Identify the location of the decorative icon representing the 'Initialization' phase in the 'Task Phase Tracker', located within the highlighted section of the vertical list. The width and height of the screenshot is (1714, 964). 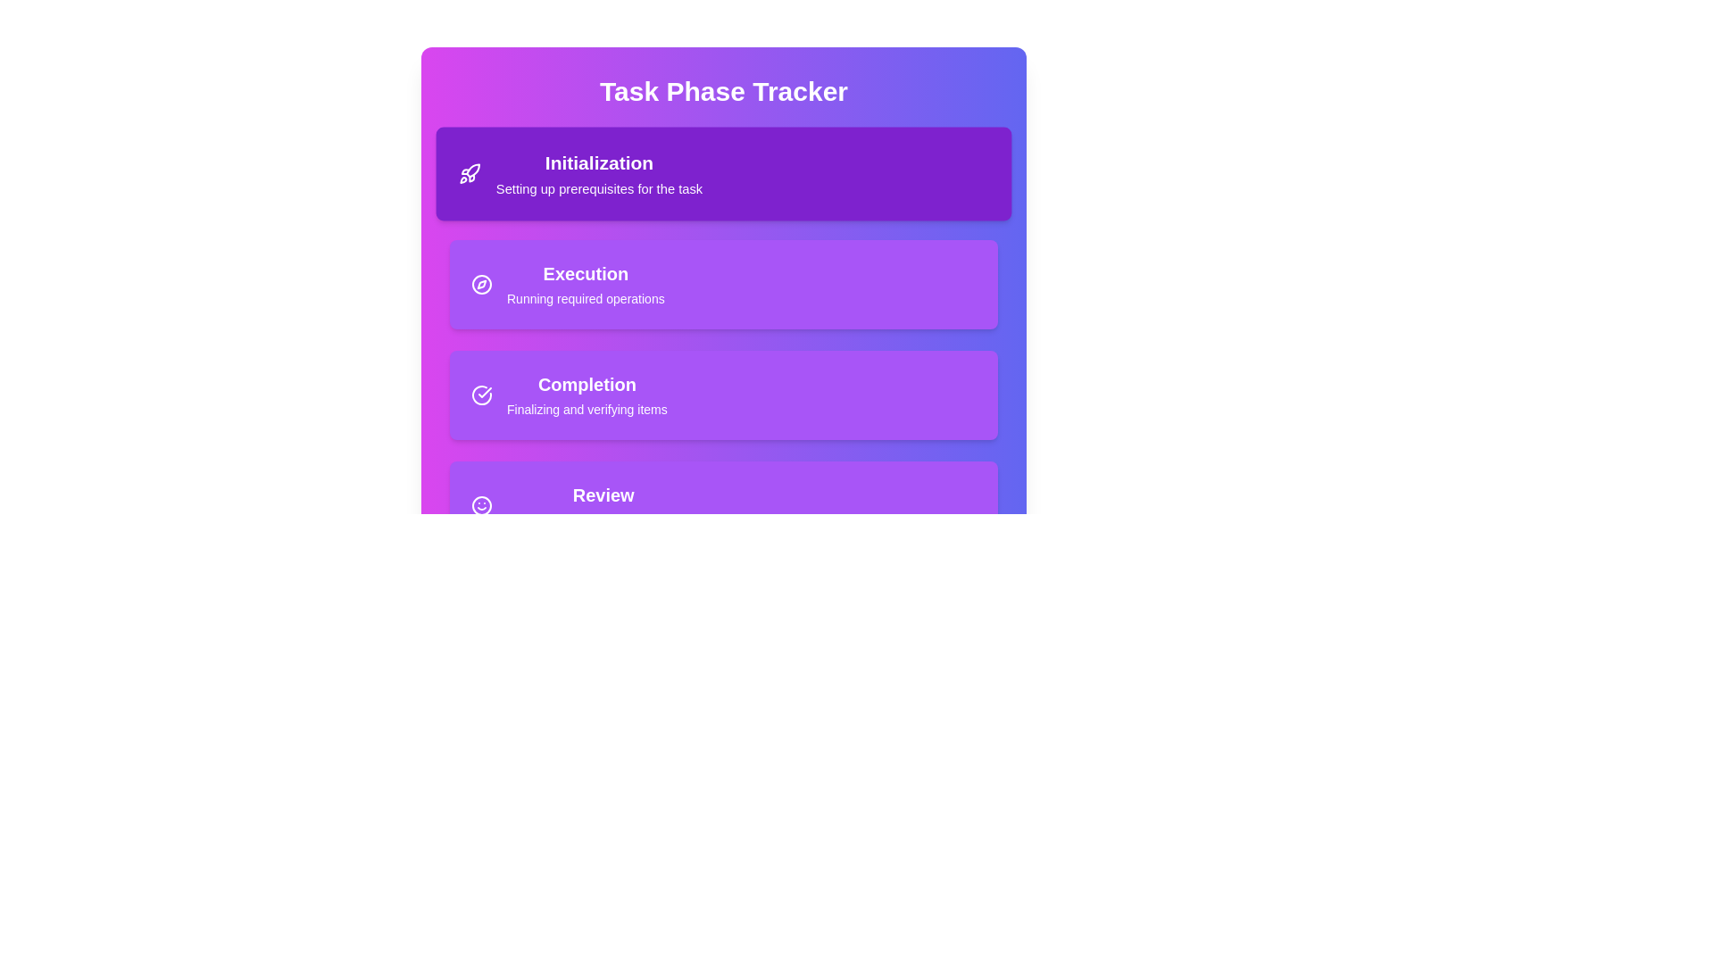
(473, 170).